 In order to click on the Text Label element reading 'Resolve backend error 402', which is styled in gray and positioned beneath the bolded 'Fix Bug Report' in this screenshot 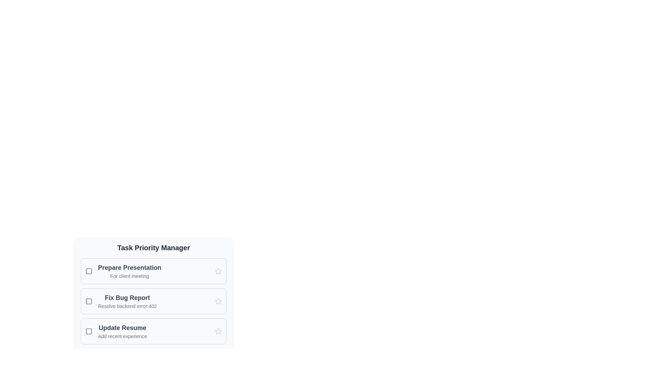, I will do `click(127, 306)`.